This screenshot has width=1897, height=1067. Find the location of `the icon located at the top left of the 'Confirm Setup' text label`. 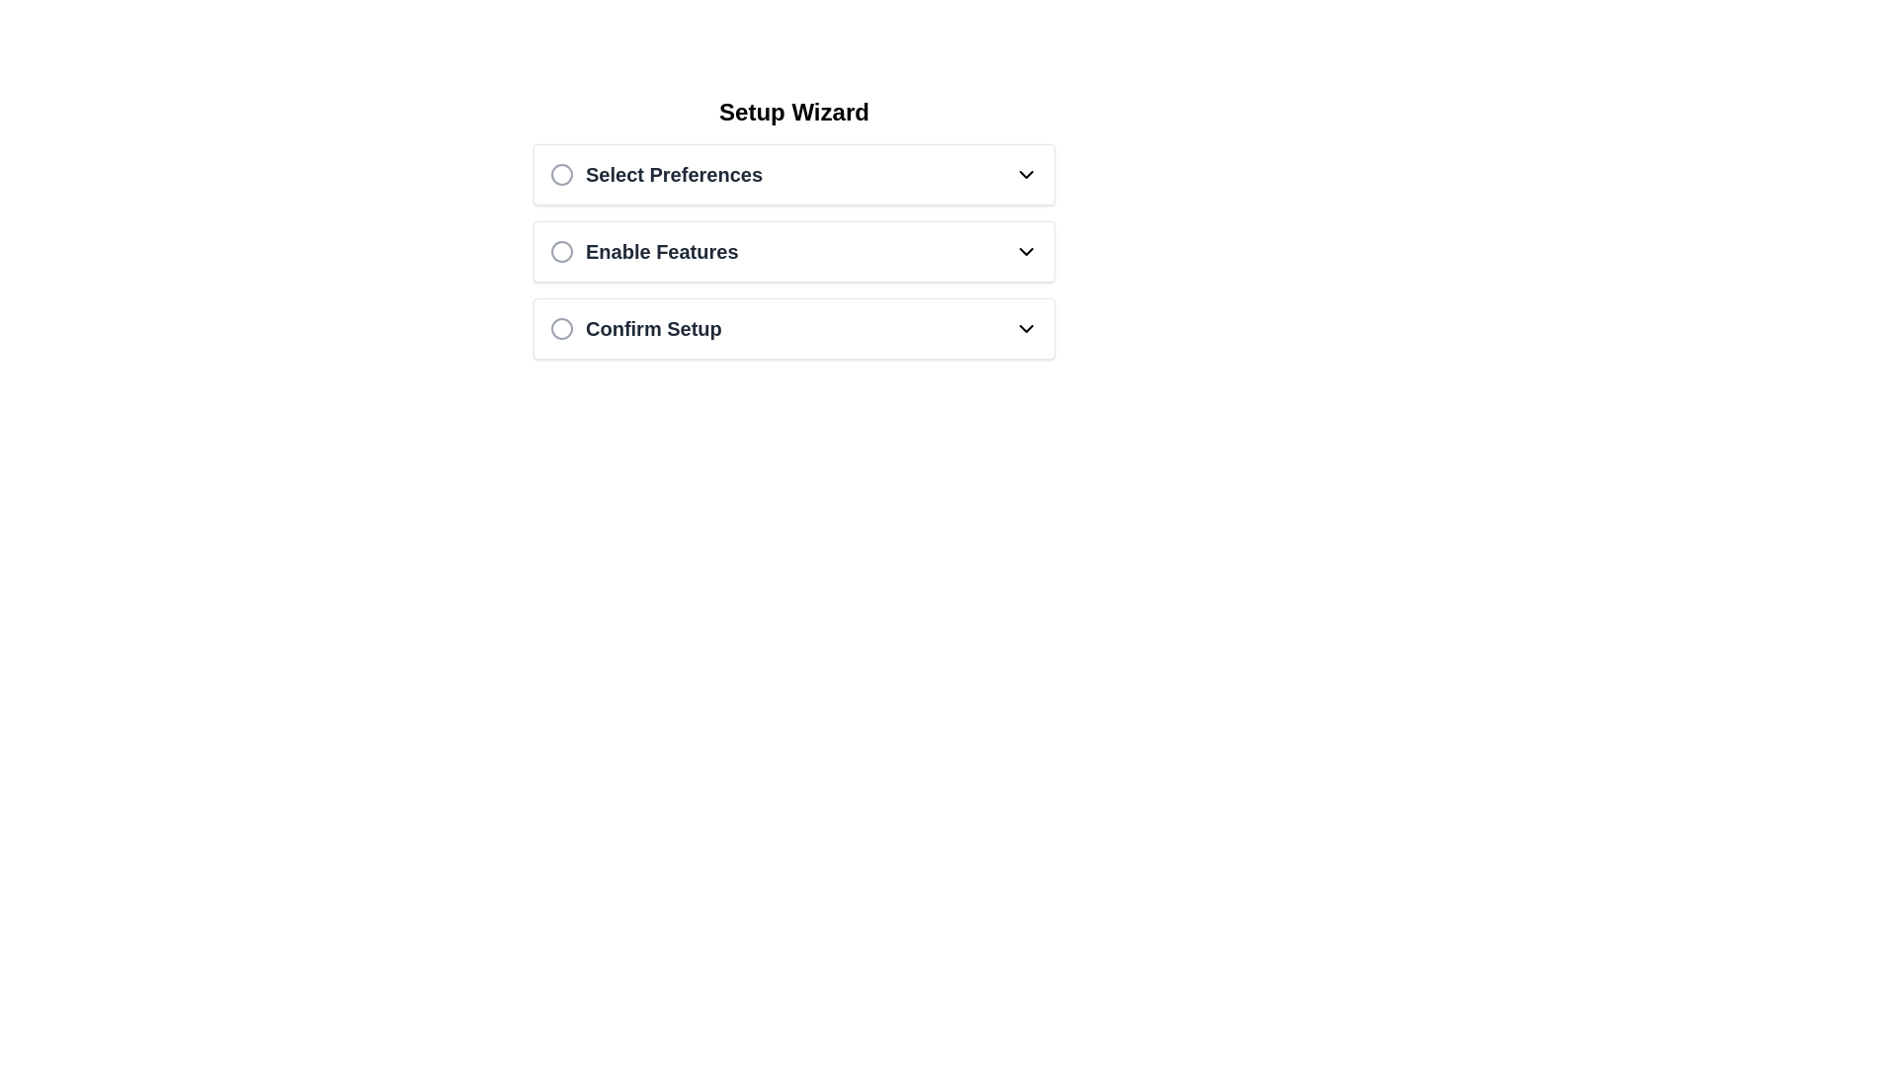

the icon located at the top left of the 'Confirm Setup' text label is located at coordinates (561, 327).